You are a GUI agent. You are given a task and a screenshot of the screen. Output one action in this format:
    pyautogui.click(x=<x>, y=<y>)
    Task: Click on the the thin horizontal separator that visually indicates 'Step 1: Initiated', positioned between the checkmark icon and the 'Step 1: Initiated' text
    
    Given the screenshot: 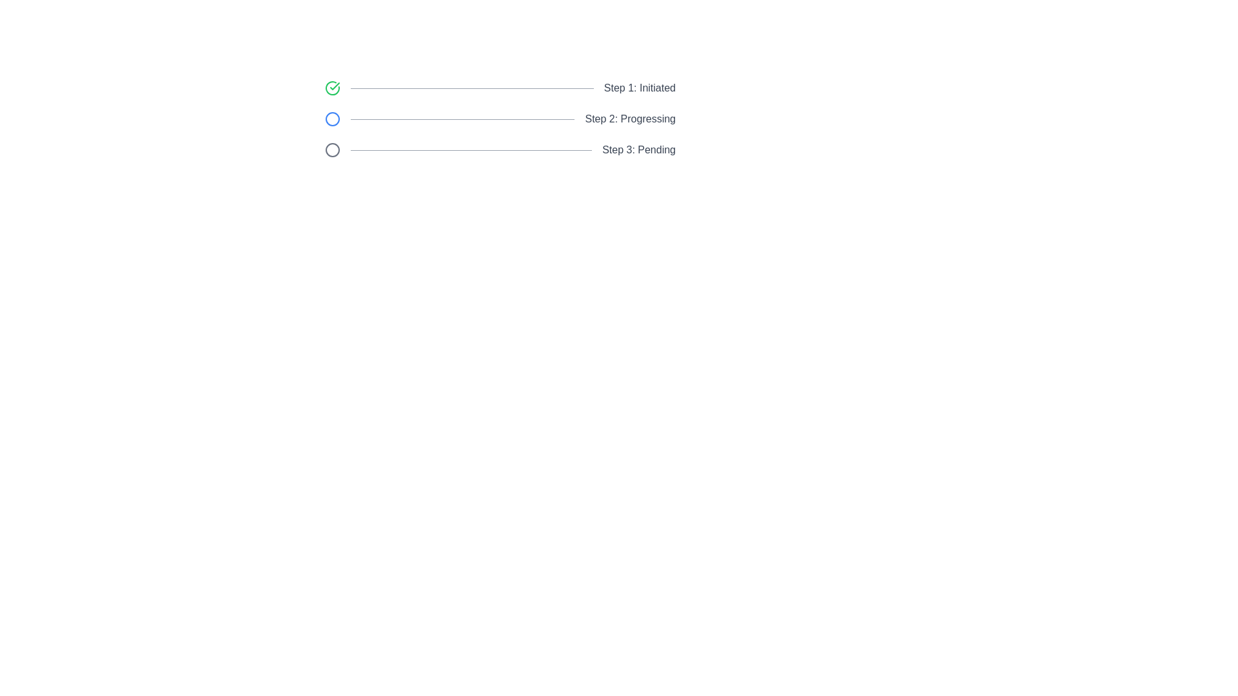 What is the action you would take?
    pyautogui.click(x=471, y=88)
    